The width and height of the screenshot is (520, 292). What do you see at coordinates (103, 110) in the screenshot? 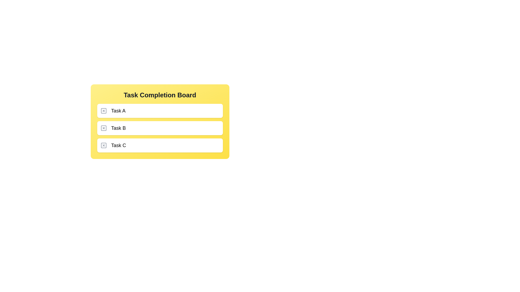
I see `the interactive icon with a red border that is located` at bounding box center [103, 110].